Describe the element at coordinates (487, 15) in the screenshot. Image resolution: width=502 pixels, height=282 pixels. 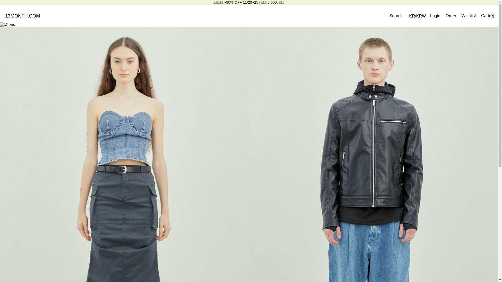
I see `'Cart(0)'` at that location.